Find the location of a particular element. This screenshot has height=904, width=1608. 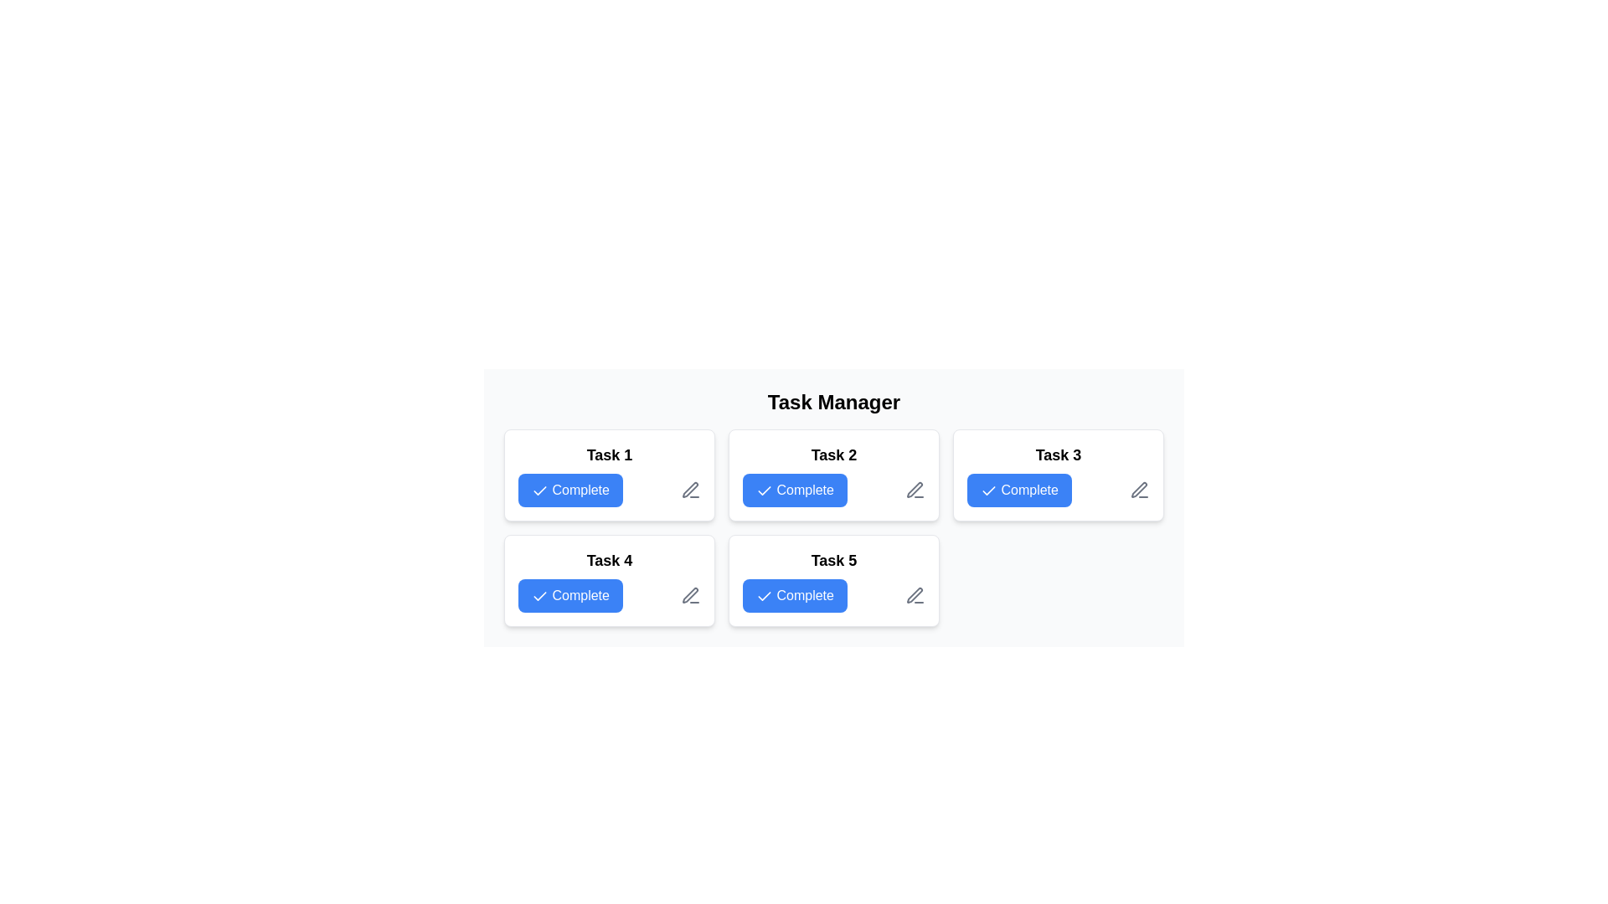

the task completion icon located within the 'Complete' button for 'Task 5' in the 'Task Manager' is located at coordinates (763, 595).